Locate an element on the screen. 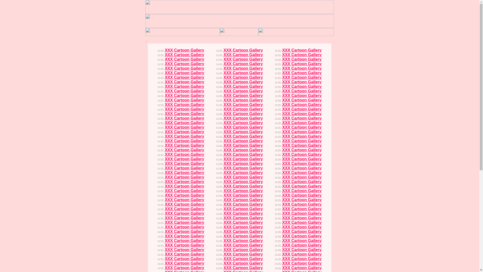  'XXX Cartoon Gallery' is located at coordinates (184, 50).